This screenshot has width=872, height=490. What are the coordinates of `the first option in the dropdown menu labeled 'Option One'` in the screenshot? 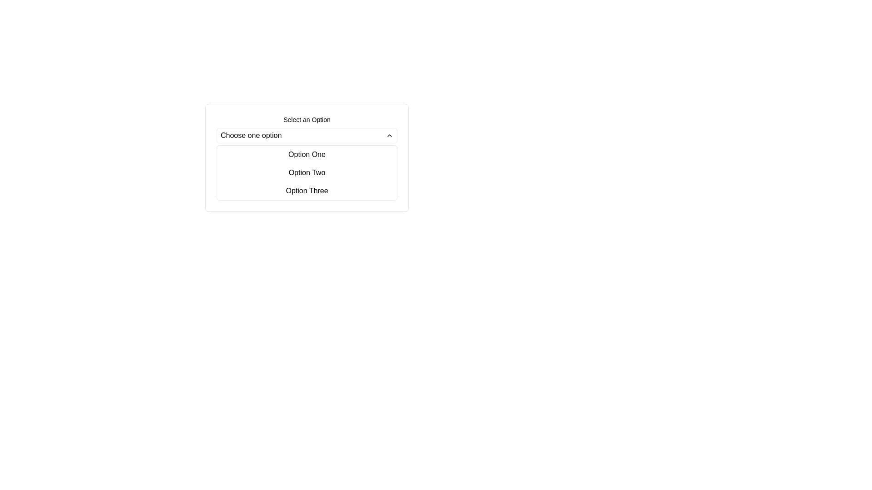 It's located at (307, 154).